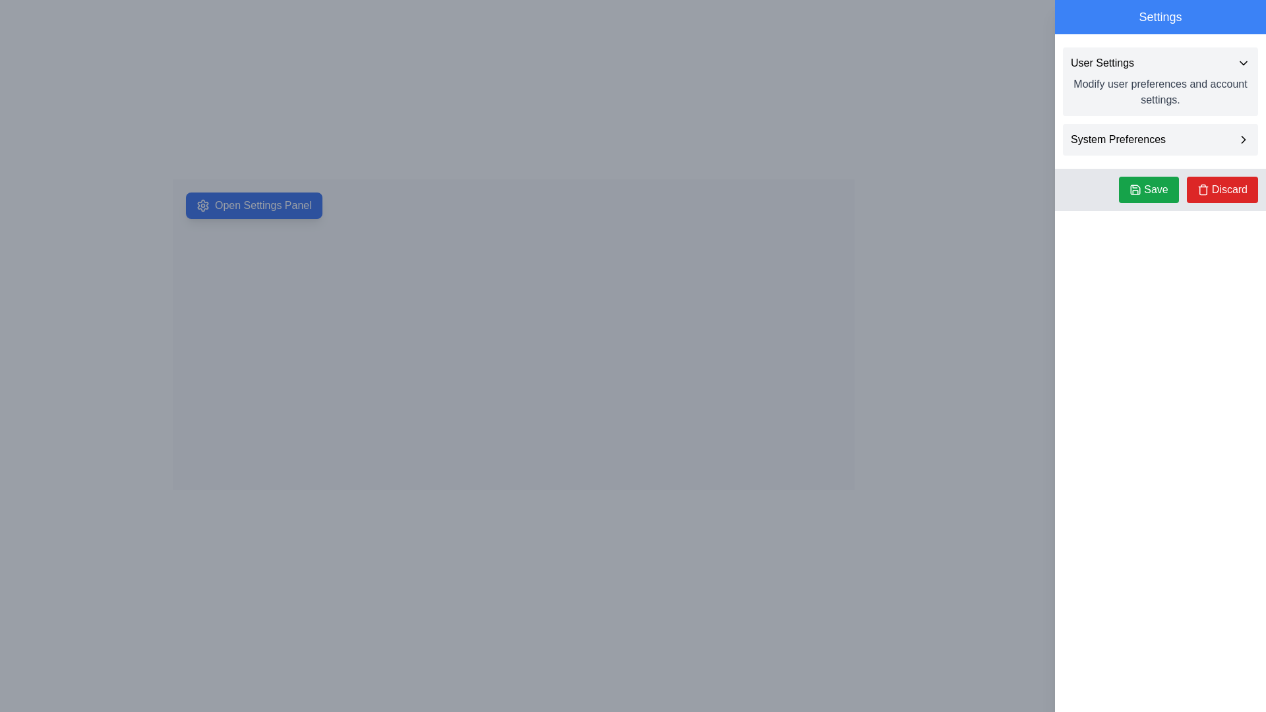 The width and height of the screenshot is (1266, 712). I want to click on the text label that indicates the save function, located to the right of the save icon on the top right section of the interface, next to the red 'Discard' button, so click(1155, 190).